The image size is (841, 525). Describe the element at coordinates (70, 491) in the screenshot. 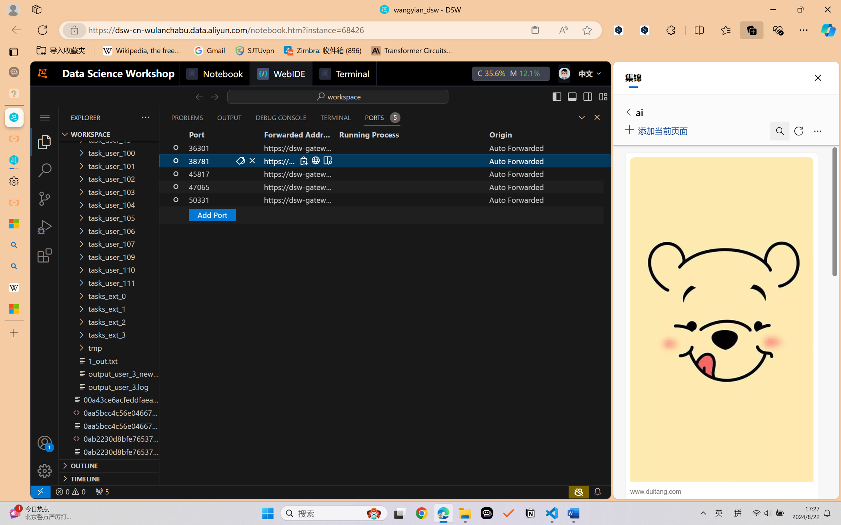

I see `'No Problems'` at that location.